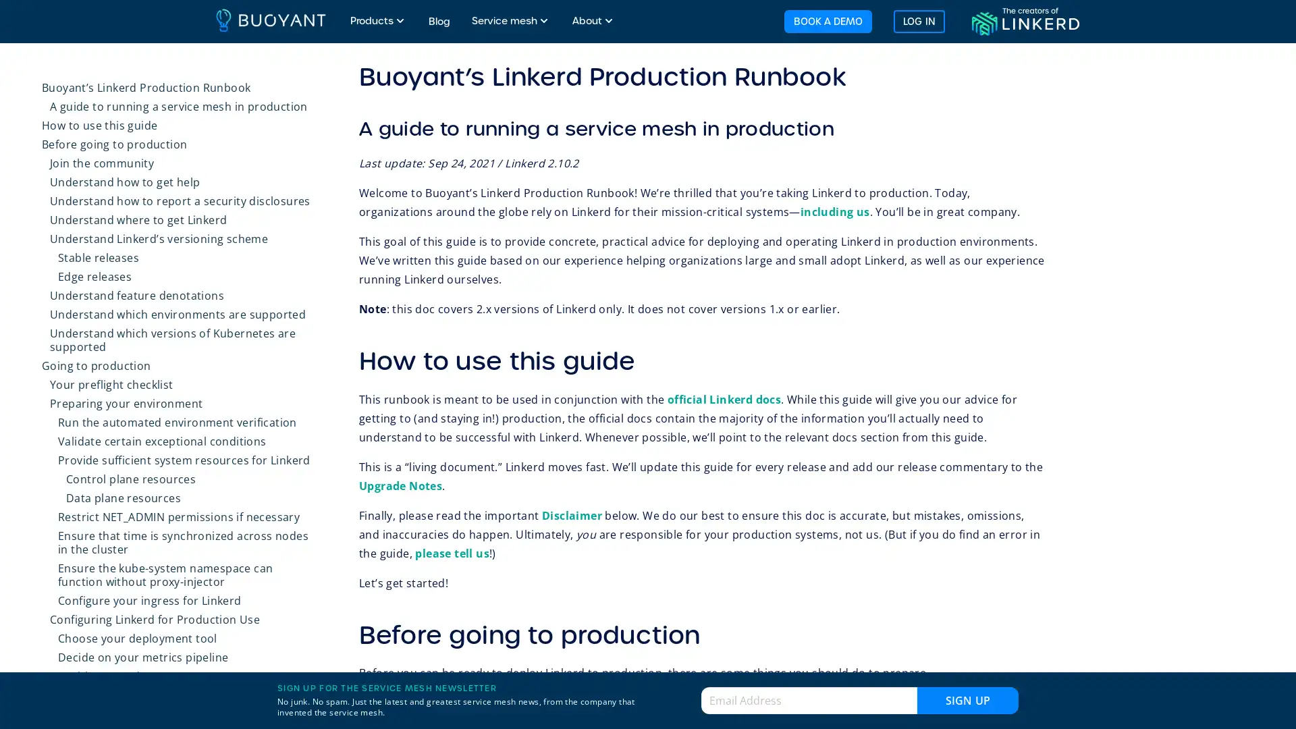 This screenshot has width=1296, height=729. I want to click on Sign up, so click(967, 699).